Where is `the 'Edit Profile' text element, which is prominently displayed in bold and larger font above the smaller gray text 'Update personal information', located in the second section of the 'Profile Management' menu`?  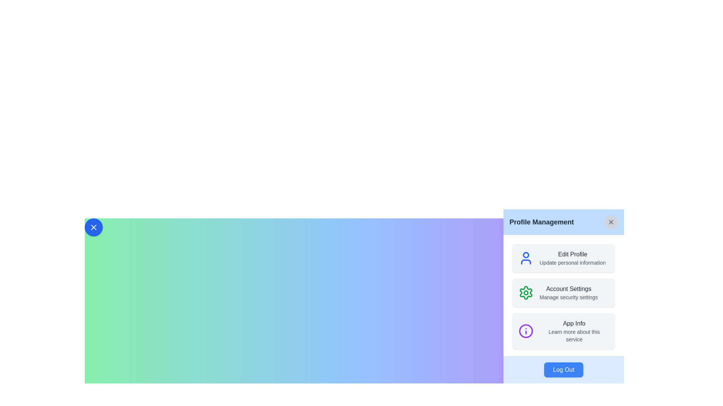 the 'Edit Profile' text element, which is prominently displayed in bold and larger font above the smaller gray text 'Update personal information', located in the second section of the 'Profile Management' menu is located at coordinates (572, 258).